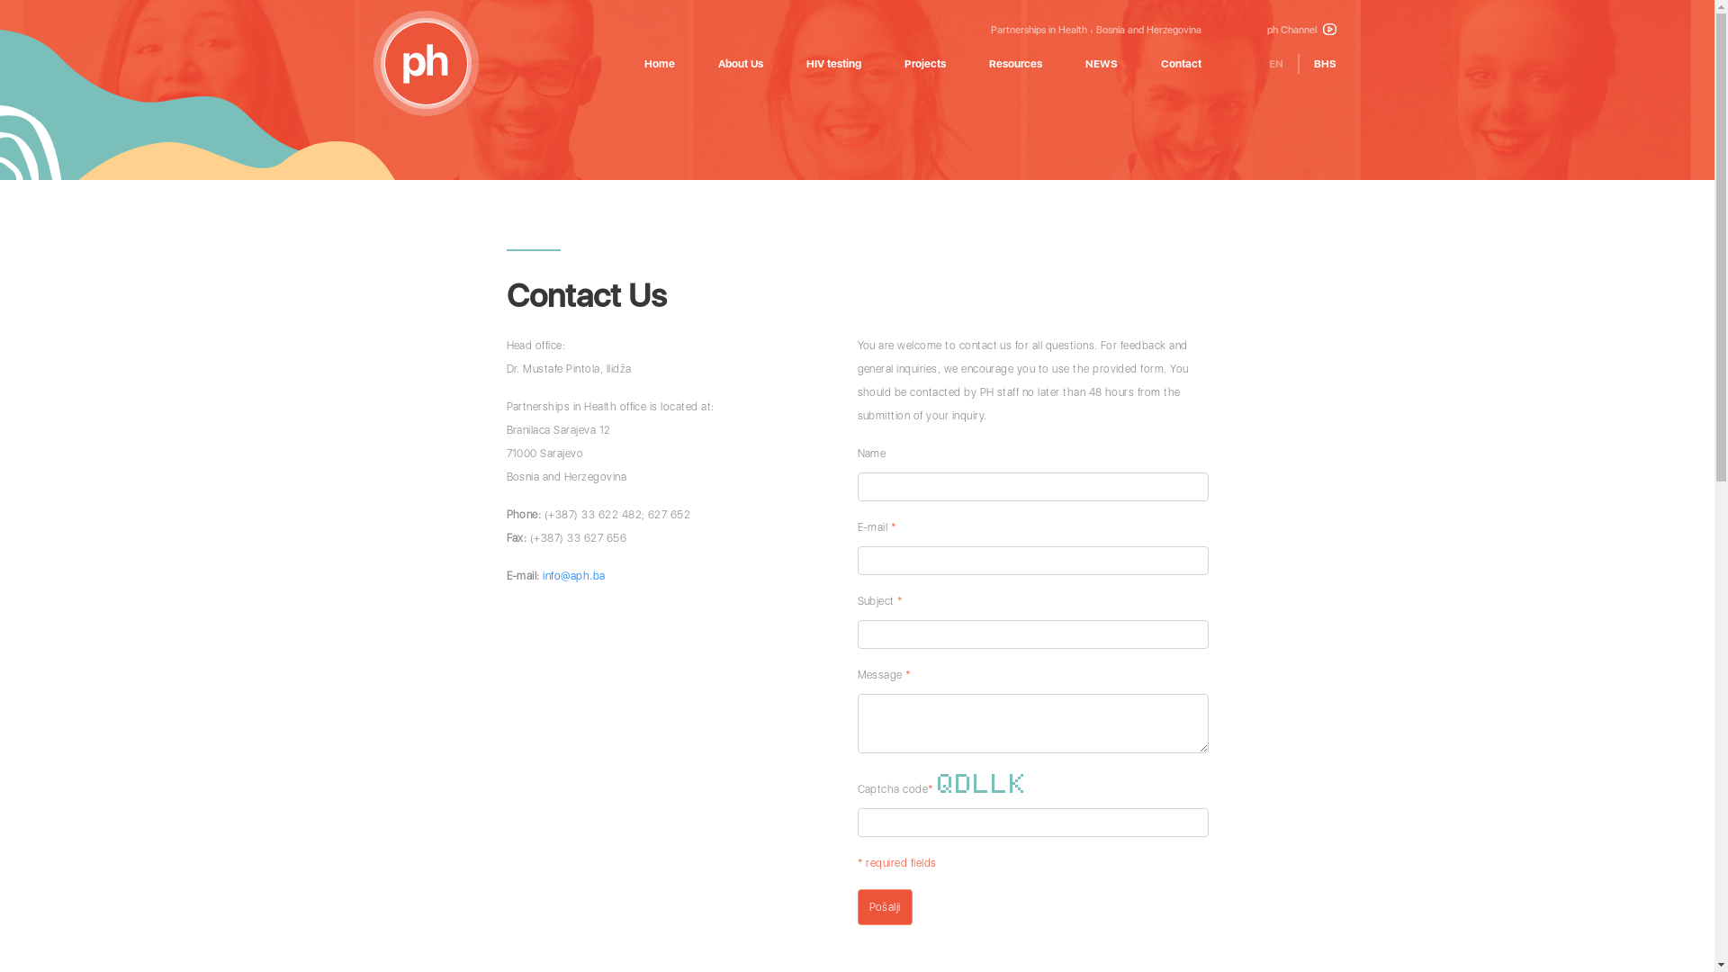 Image resolution: width=1728 pixels, height=972 pixels. What do you see at coordinates (1301, 30) in the screenshot?
I see `'ph Channel'` at bounding box center [1301, 30].